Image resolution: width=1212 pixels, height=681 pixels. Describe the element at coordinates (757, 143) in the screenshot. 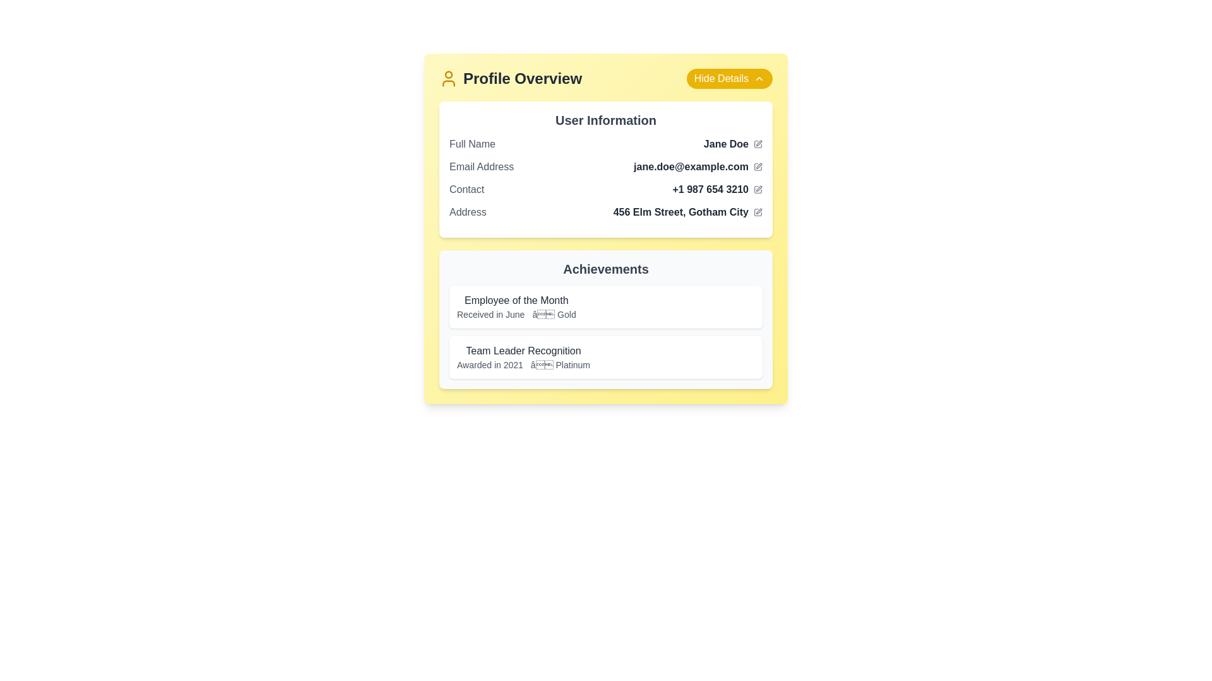

I see `the pen icon button located next to the text 'Jane Doe' in the top-right of the 'User Information' section` at that location.